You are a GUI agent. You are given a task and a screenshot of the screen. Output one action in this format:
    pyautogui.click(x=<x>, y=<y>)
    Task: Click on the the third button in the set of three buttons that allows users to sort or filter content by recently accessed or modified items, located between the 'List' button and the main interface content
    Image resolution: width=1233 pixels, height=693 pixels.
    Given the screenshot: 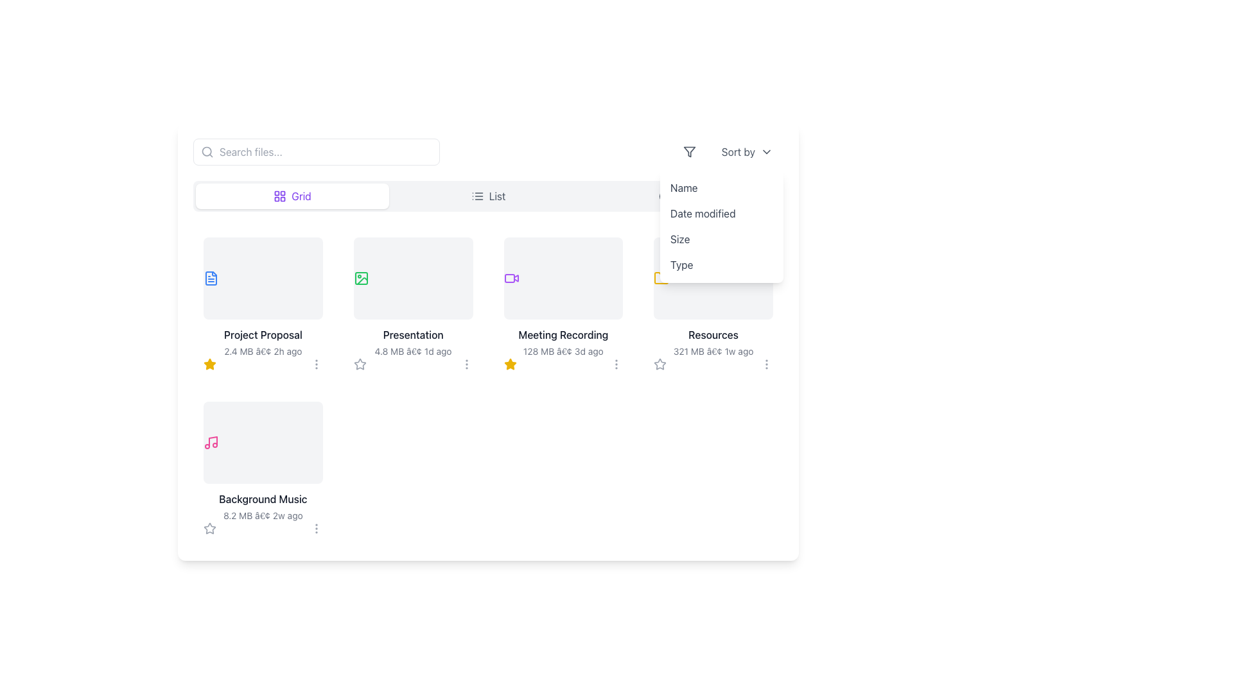 What is the action you would take?
    pyautogui.click(x=683, y=196)
    